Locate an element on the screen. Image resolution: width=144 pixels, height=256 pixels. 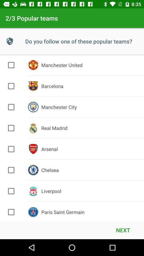
the first check box is located at coordinates (11, 65).